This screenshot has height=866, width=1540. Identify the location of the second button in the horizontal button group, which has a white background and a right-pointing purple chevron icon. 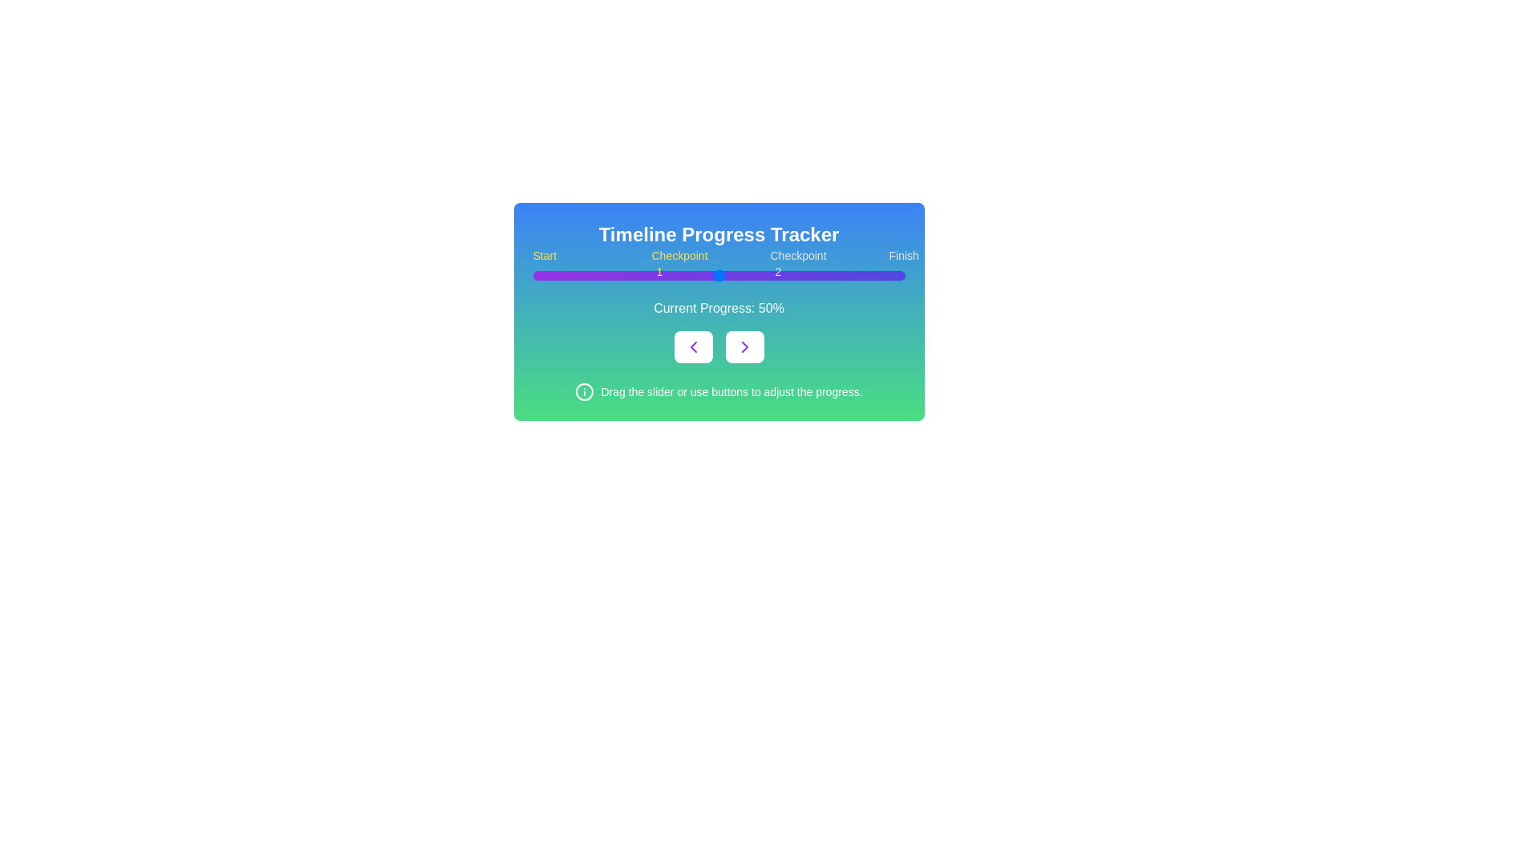
(744, 346).